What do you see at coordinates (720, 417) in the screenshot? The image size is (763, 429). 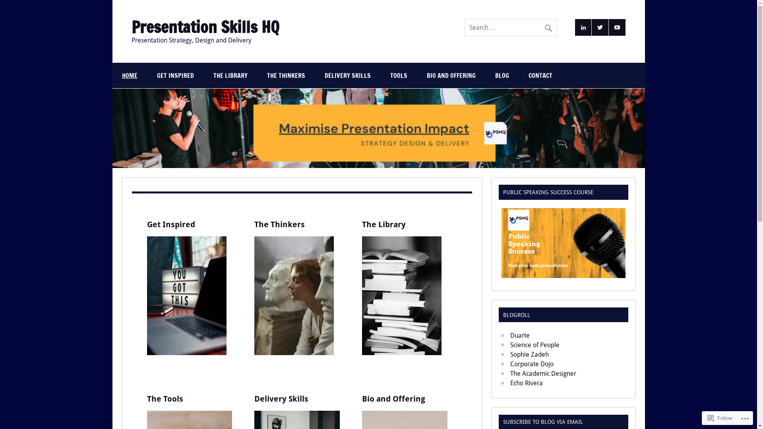 I see `'Follow'` at bounding box center [720, 417].